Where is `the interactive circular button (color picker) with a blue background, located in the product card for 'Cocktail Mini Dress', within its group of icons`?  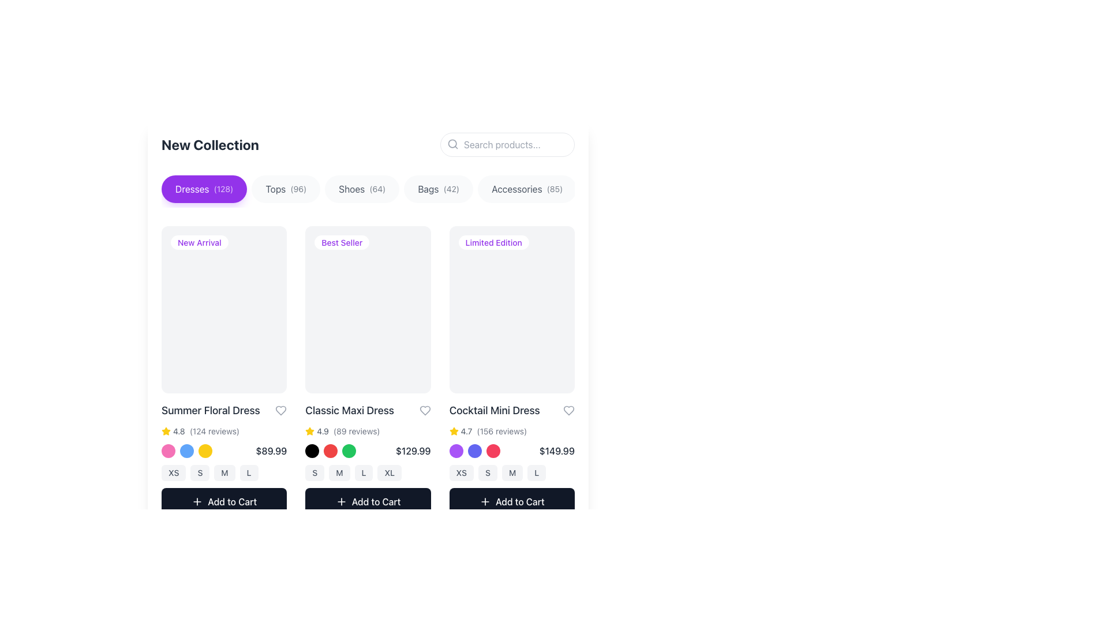 the interactive circular button (color picker) with a blue background, located in the product card for 'Cocktail Mini Dress', within its group of icons is located at coordinates (474, 450).